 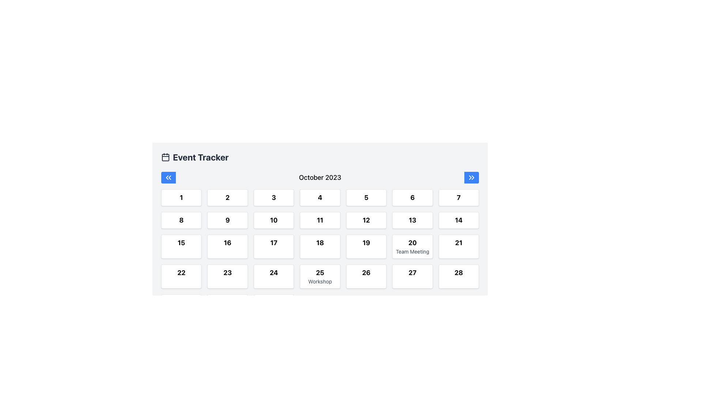 What do you see at coordinates (181, 277) in the screenshot?
I see `the selectable date button for 22nd October 2023 in the Event Tracker calendar interface` at bounding box center [181, 277].